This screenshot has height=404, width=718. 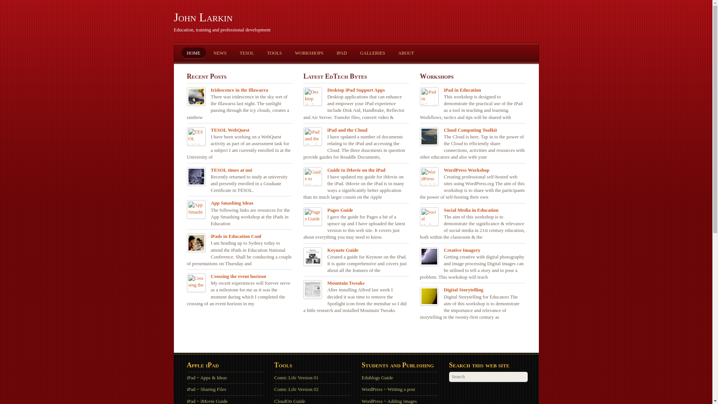 What do you see at coordinates (296, 377) in the screenshot?
I see `'Comic Life Version 01'` at bounding box center [296, 377].